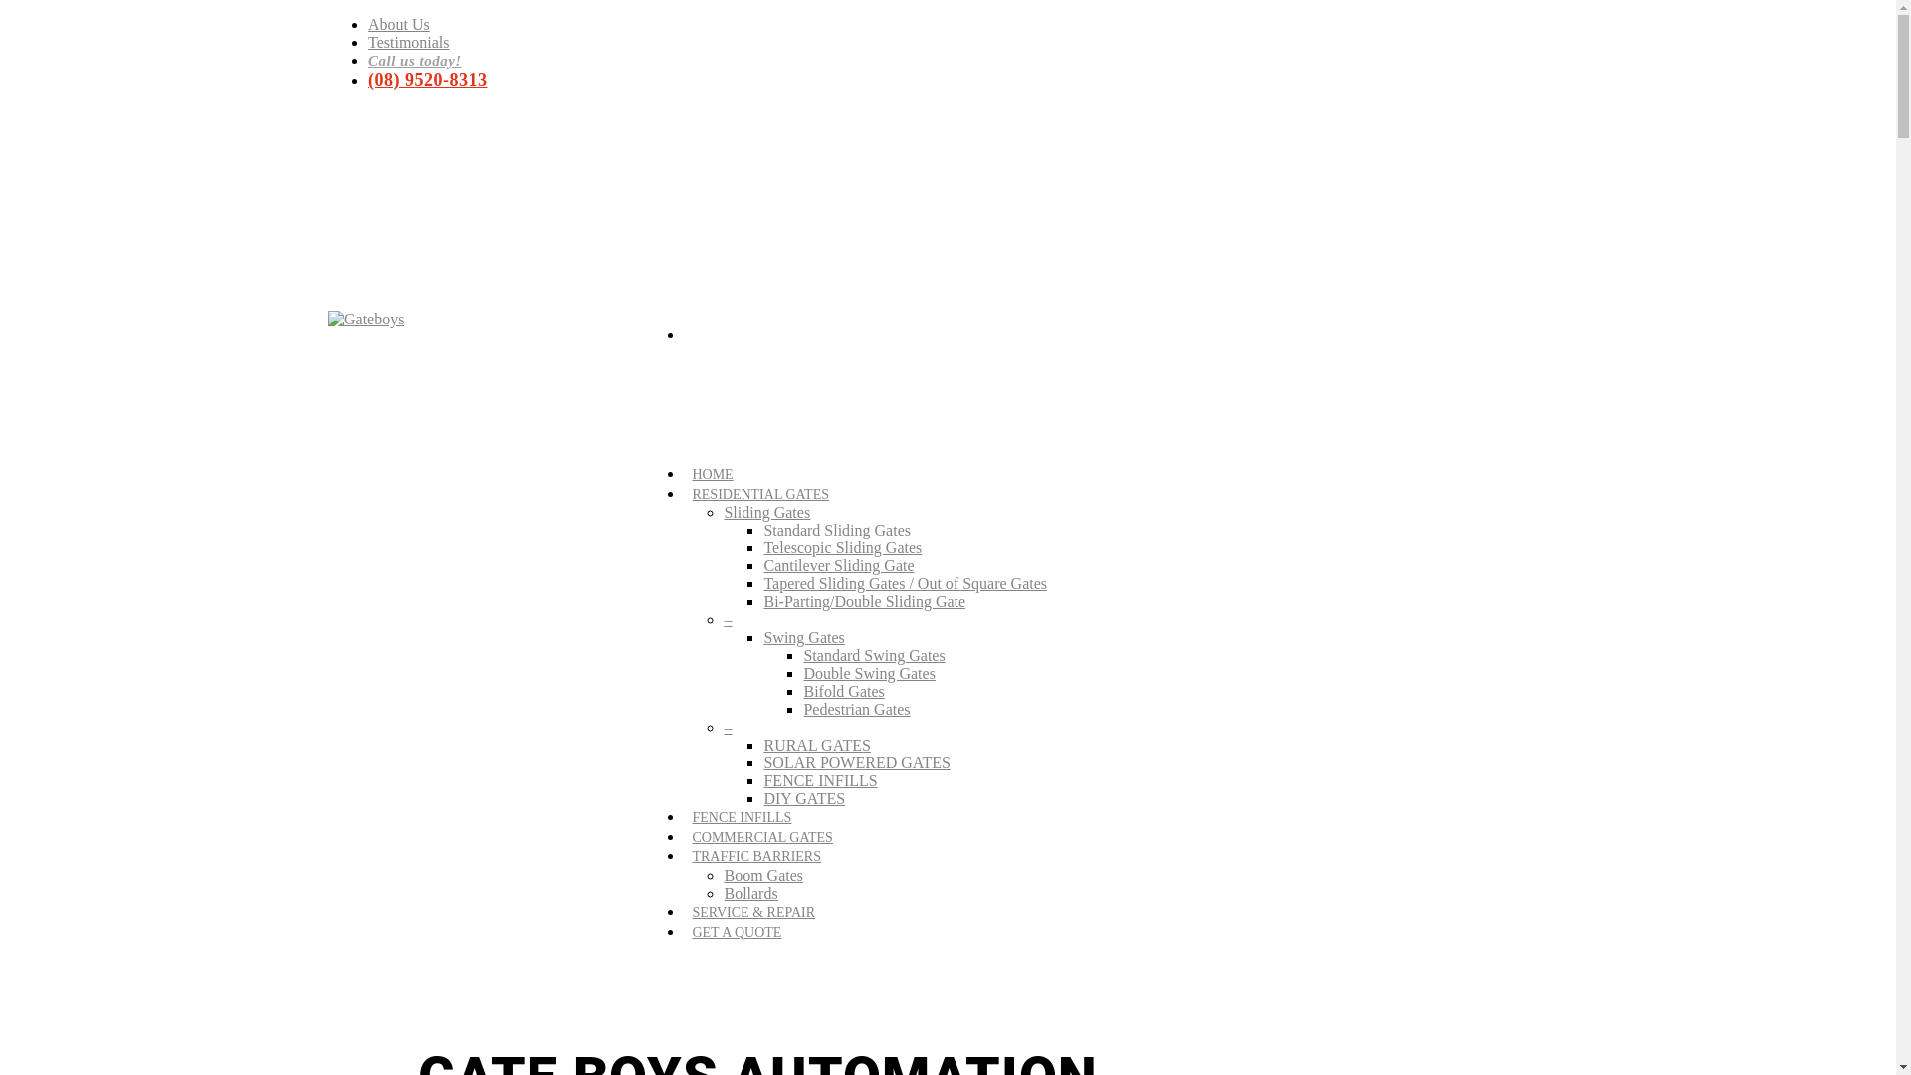  Describe the element at coordinates (864, 600) in the screenshot. I see `'Bi-Parting/Double Sliding Gate'` at that location.